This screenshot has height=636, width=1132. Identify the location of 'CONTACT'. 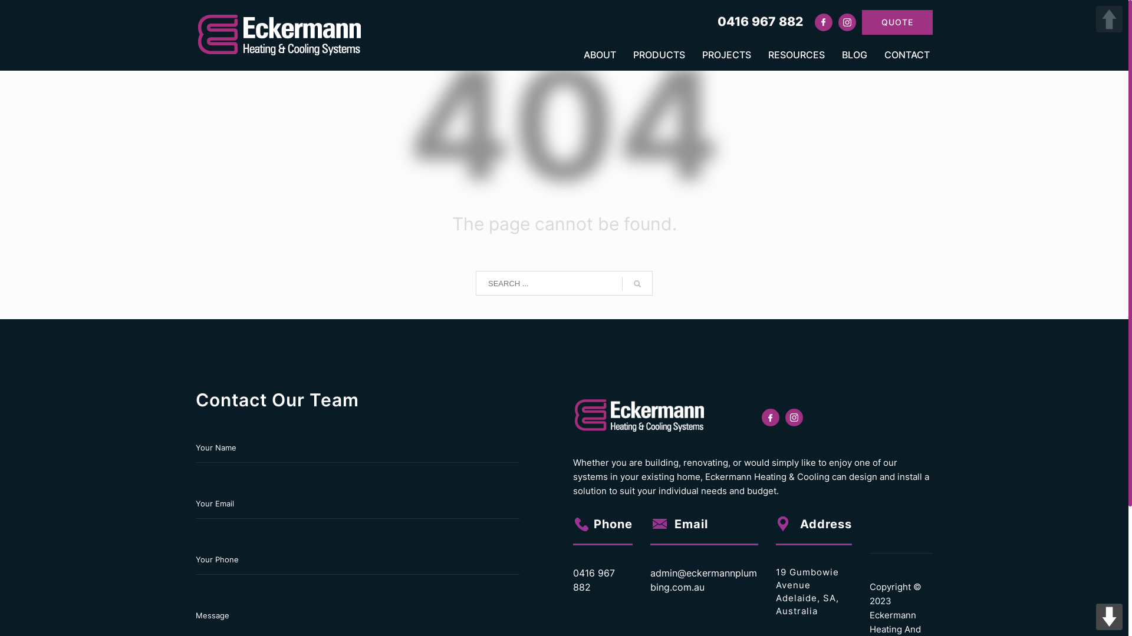
(903, 54).